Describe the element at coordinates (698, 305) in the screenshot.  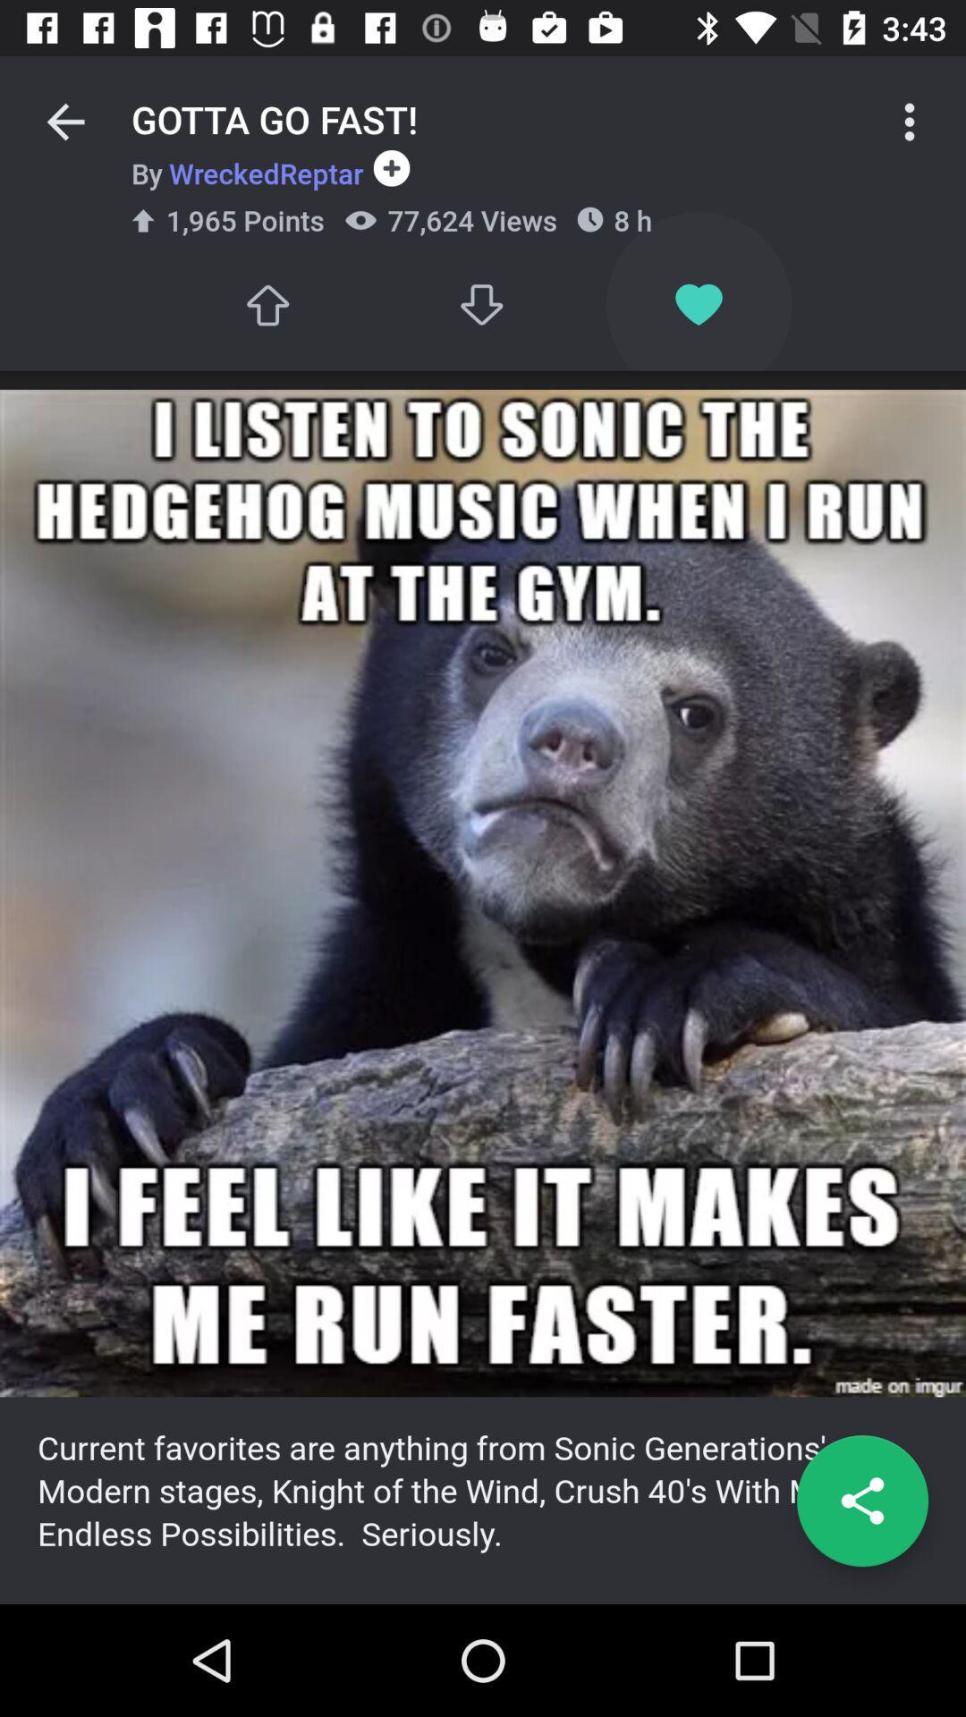
I see `to favorites` at that location.